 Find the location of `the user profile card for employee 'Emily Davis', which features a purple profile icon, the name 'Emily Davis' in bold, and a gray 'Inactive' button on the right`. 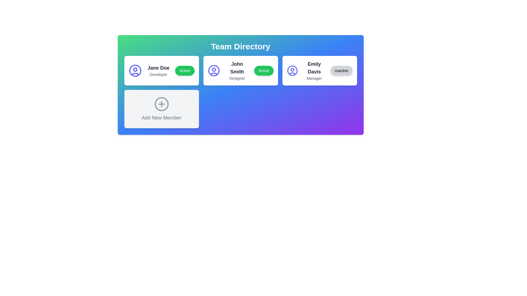

the user profile card for employee 'Emily Davis', which features a purple profile icon, the name 'Emily Davis' in bold, and a gray 'Inactive' button on the right is located at coordinates (319, 70).